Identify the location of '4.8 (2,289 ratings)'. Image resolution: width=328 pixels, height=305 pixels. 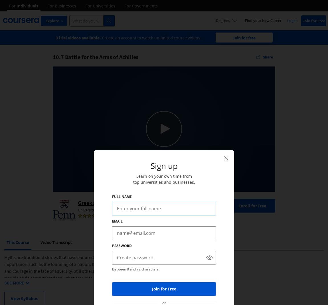
(118, 216).